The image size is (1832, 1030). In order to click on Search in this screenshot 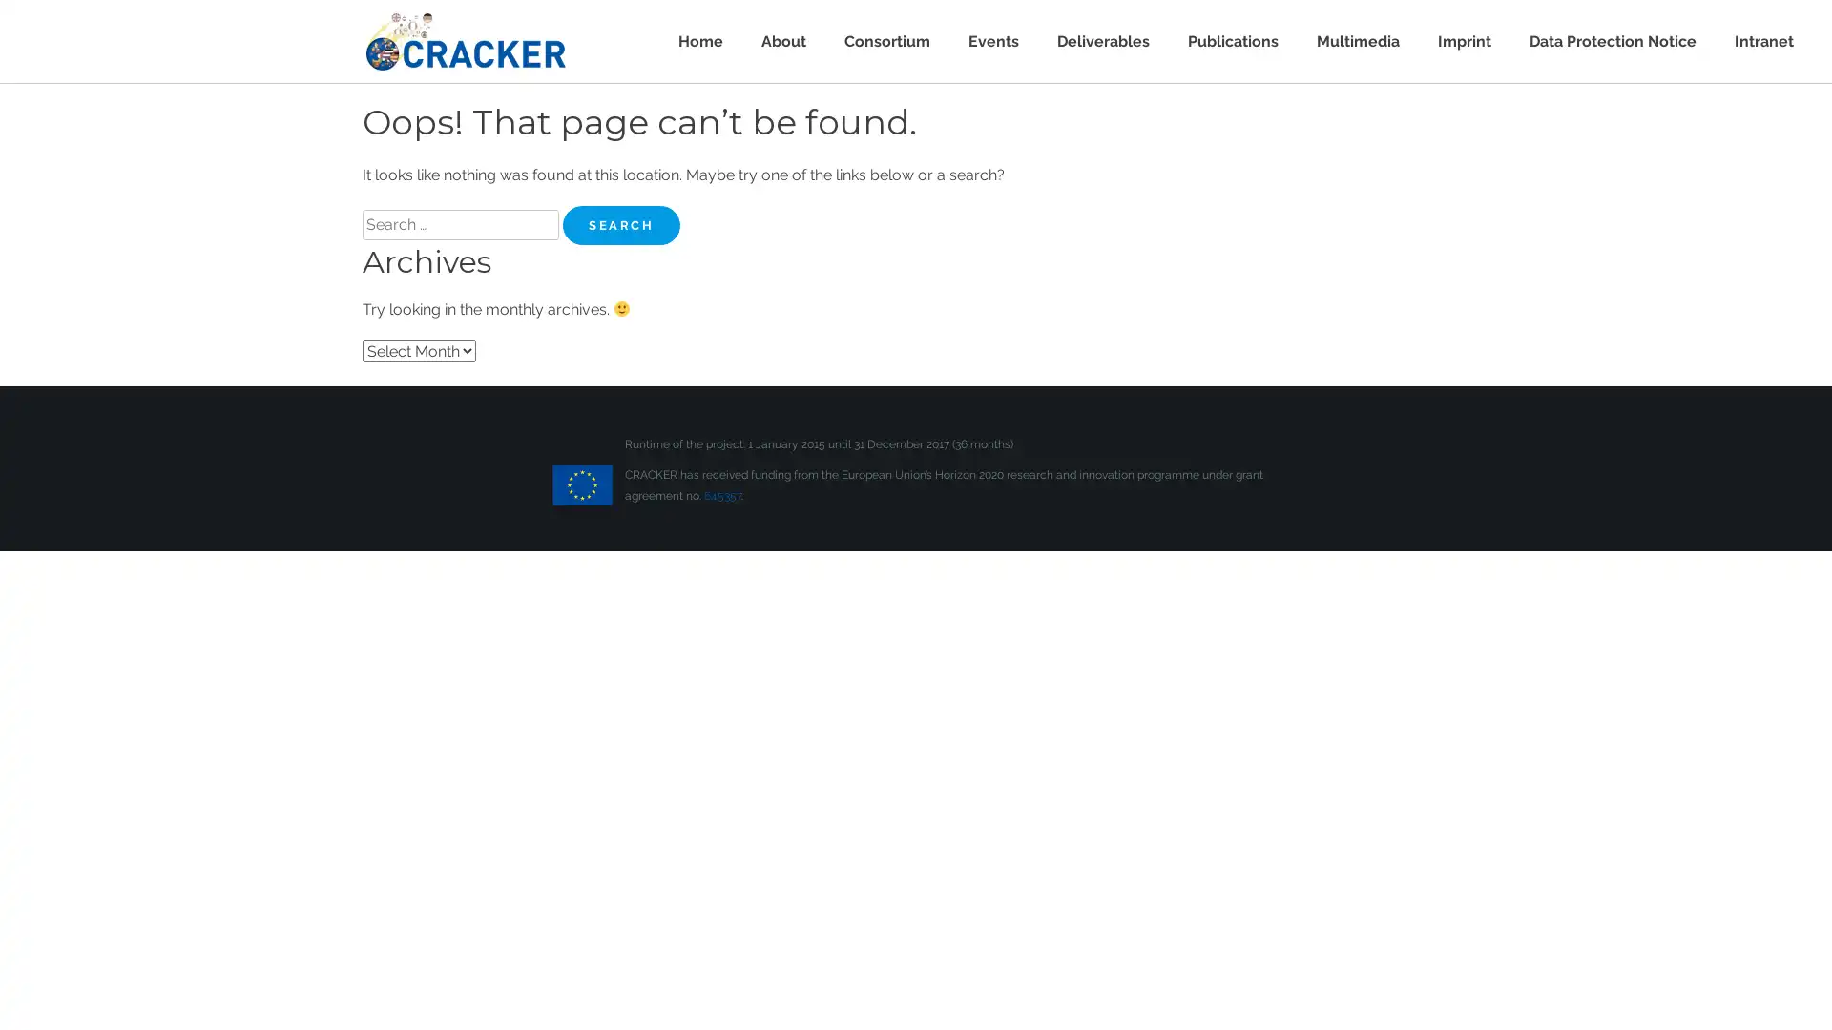, I will do `click(621, 224)`.